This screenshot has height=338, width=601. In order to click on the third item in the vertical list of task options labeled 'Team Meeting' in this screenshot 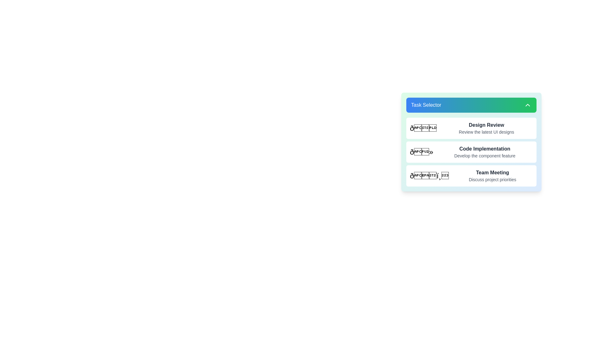, I will do `click(471, 176)`.